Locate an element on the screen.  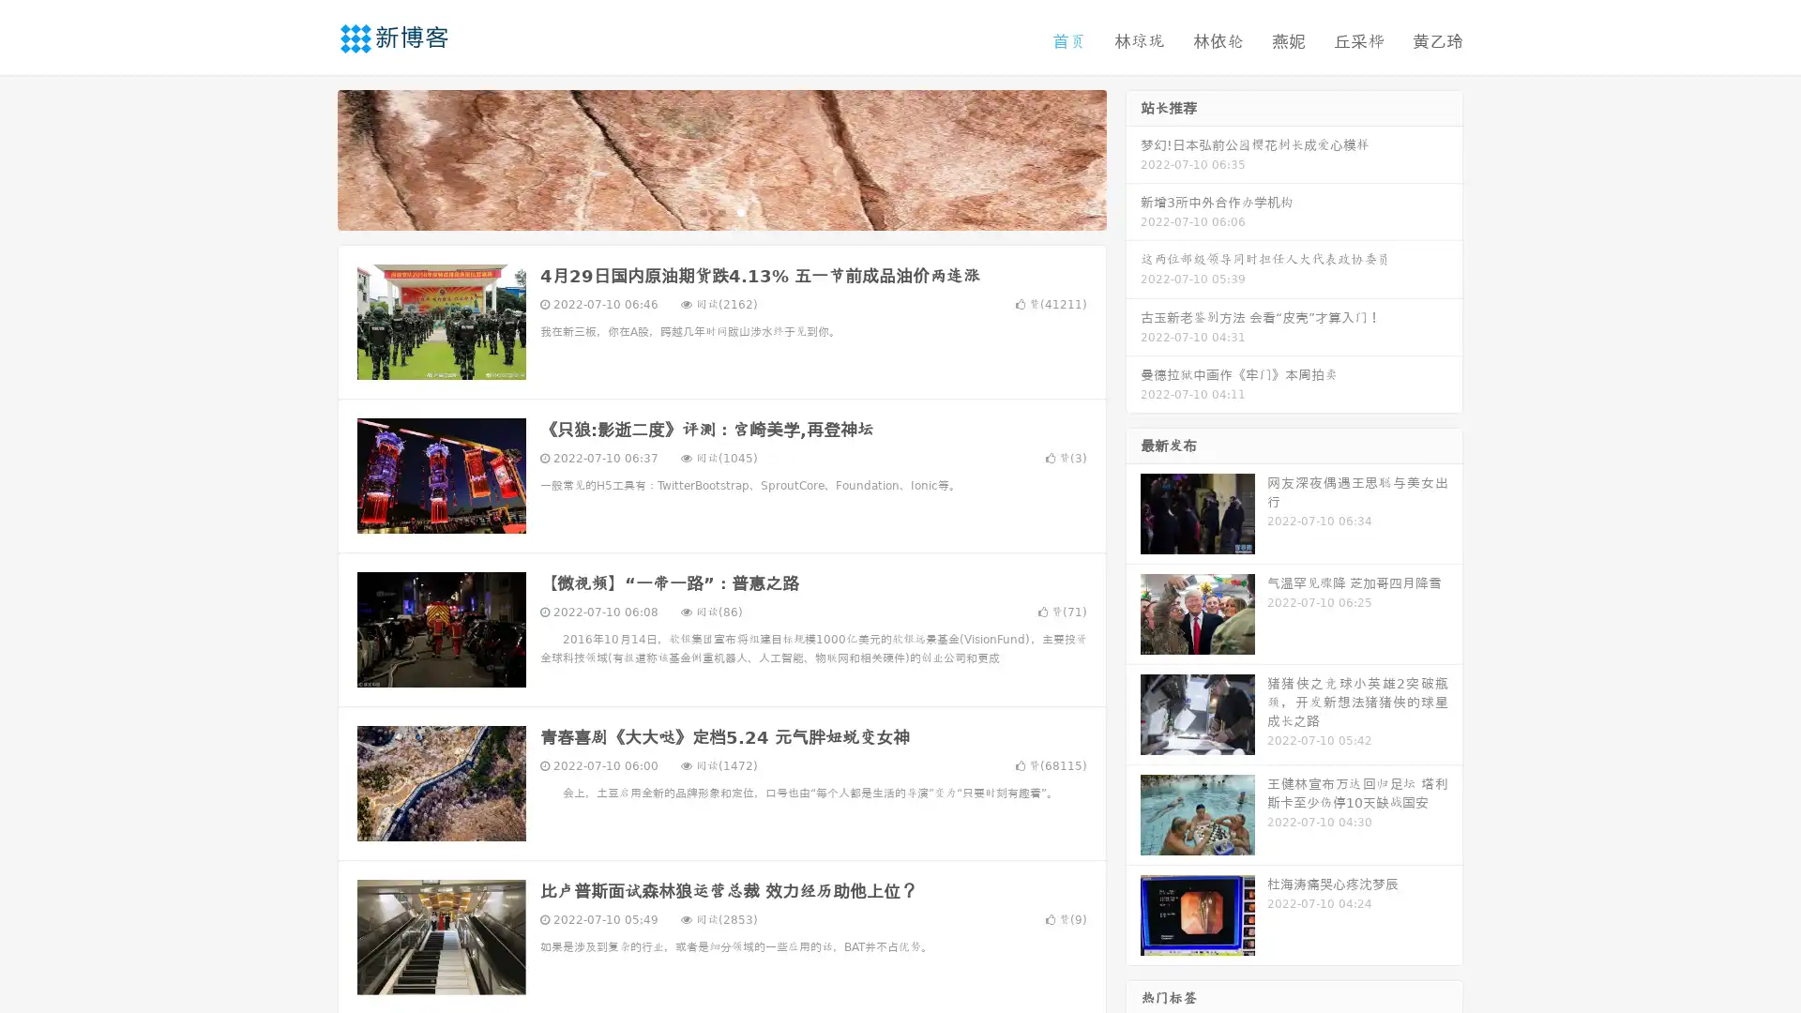
Go to slide 3 is located at coordinates (740, 211).